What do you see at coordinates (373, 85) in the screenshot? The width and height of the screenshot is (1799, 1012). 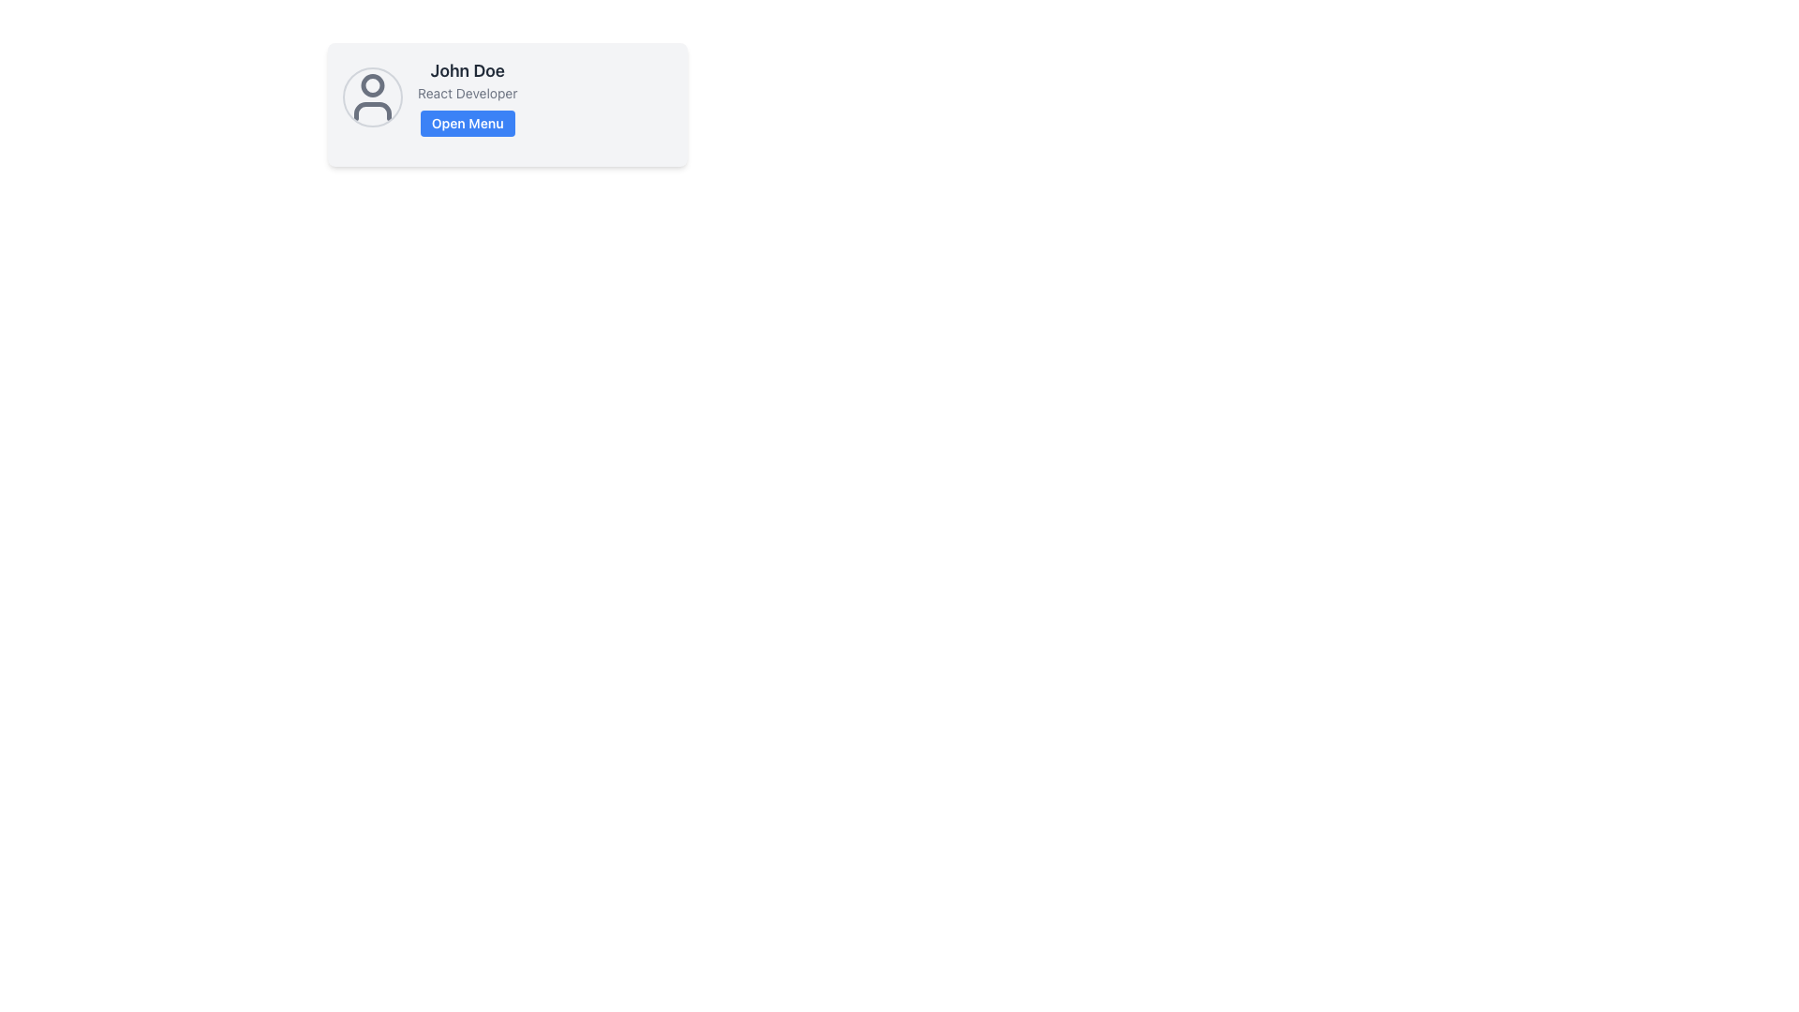 I see `the decorative circle in the user profile icon located in the top central region of the icon, which is part of the user card widget` at bounding box center [373, 85].